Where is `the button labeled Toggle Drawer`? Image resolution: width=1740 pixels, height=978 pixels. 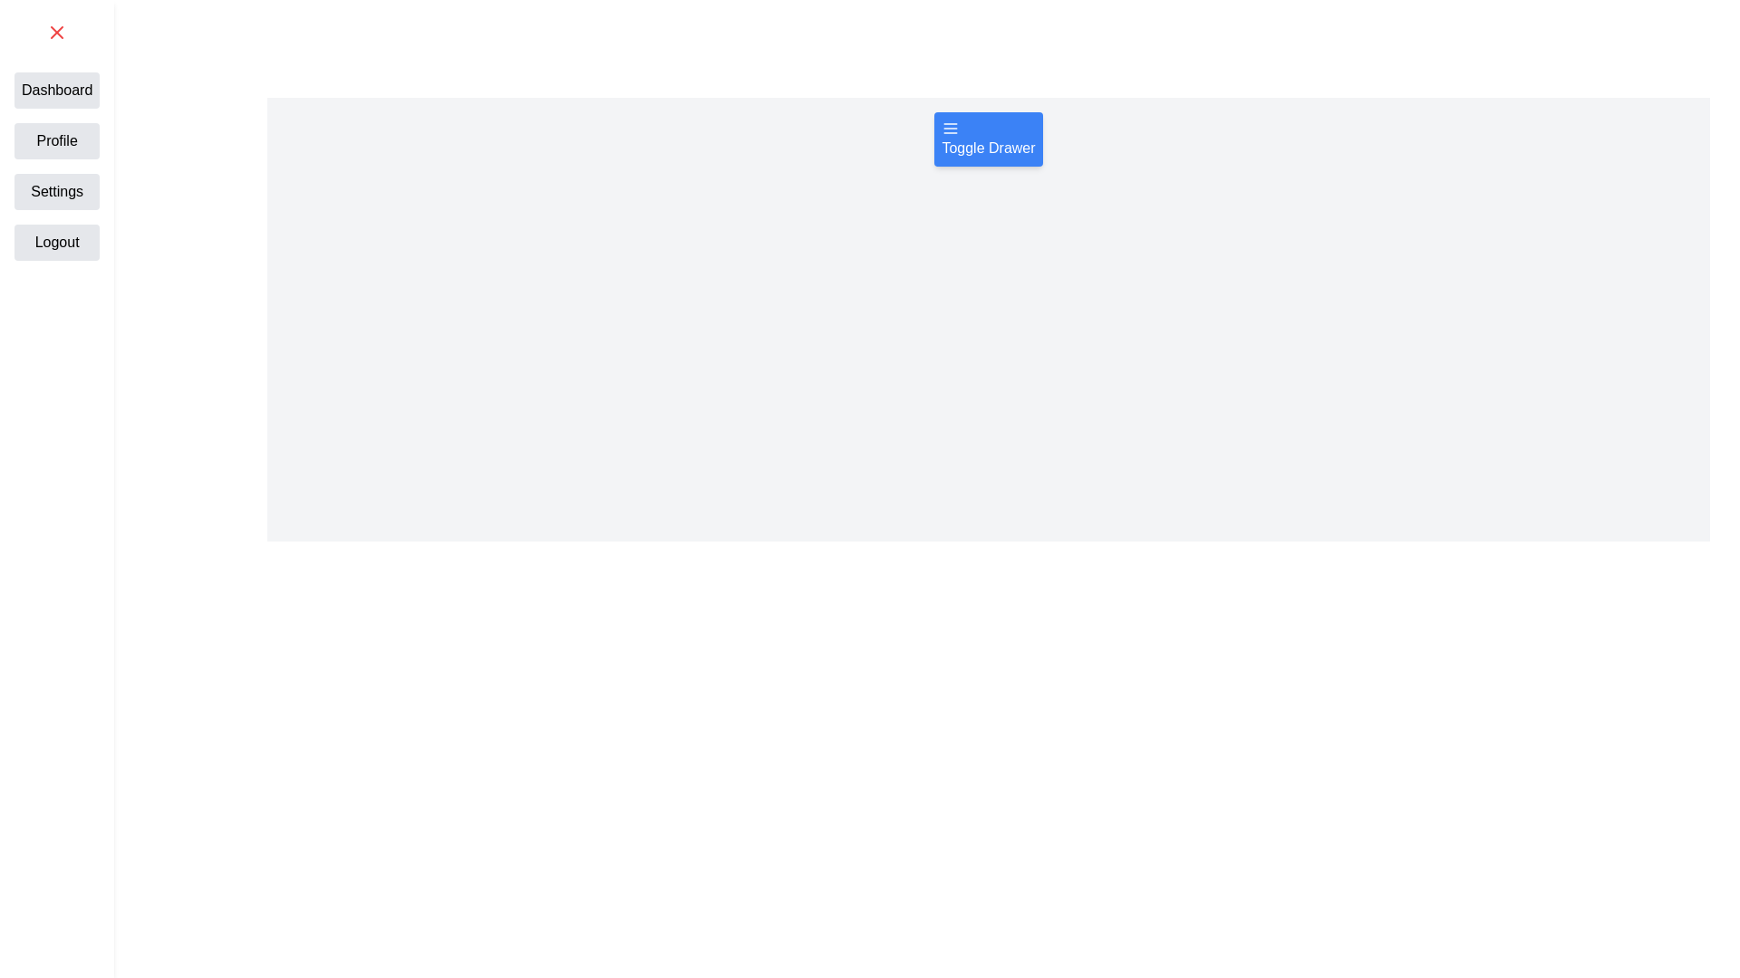 the button labeled Toggle Drawer is located at coordinates (987, 139).